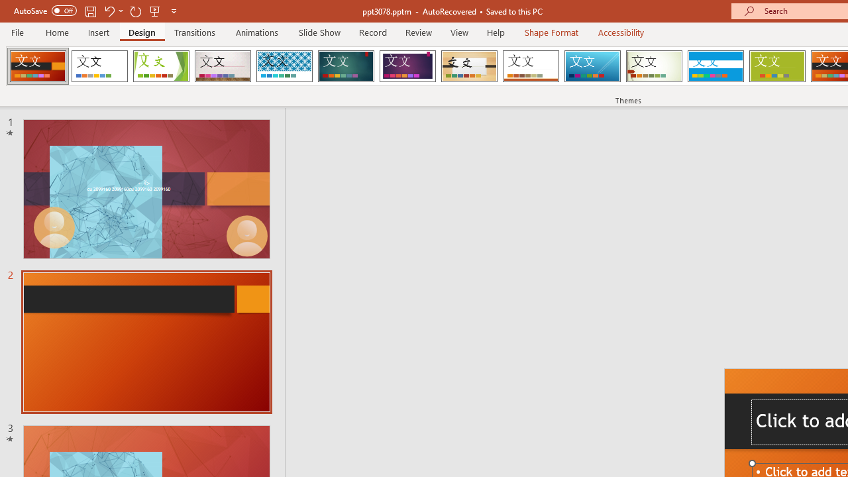  I want to click on 'Office Theme', so click(99, 66).